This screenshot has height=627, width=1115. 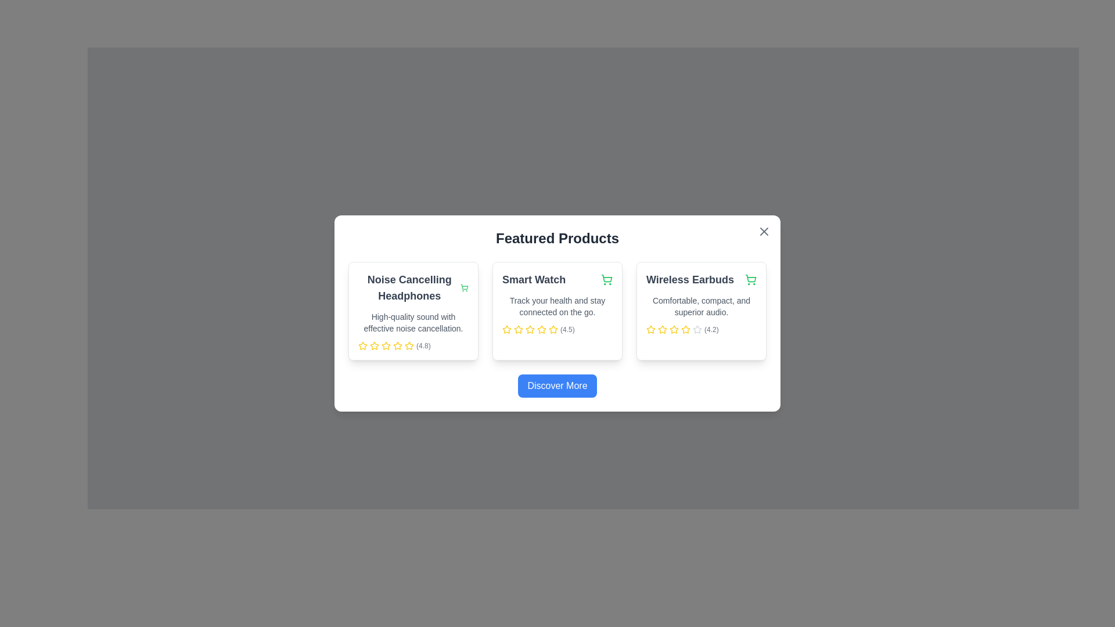 I want to click on the third product card displaying 'Wireless Earbuds' located at the bottom right corner of the grid under the 'Featured Products' header, so click(x=701, y=311).